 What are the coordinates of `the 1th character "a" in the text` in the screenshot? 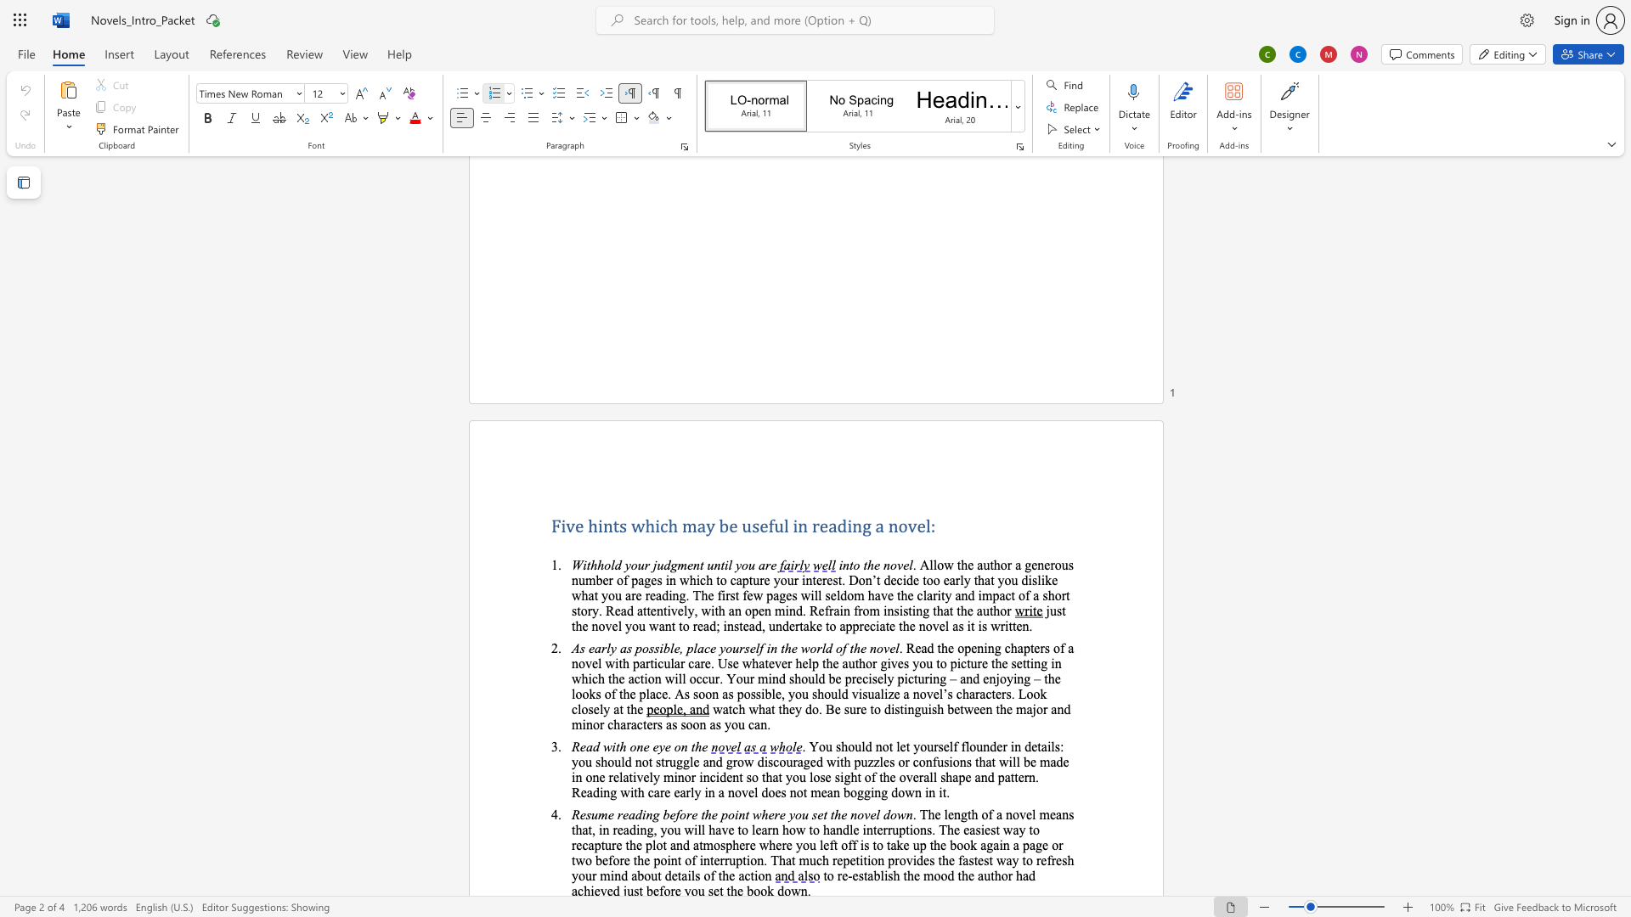 It's located at (624, 777).